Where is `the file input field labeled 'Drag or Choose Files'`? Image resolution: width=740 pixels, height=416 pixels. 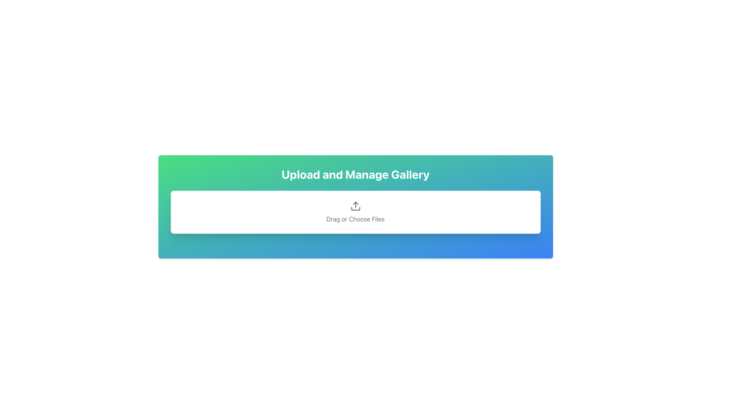 the file input field labeled 'Drag or Choose Files' is located at coordinates (355, 212).